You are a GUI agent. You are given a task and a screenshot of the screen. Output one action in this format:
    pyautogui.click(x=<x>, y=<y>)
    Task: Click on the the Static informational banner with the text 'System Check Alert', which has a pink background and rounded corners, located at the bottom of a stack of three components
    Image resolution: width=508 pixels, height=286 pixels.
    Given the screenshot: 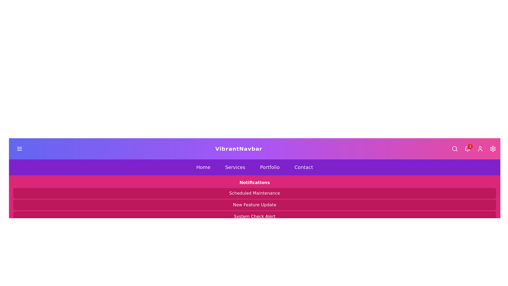 What is the action you would take?
    pyautogui.click(x=255, y=216)
    